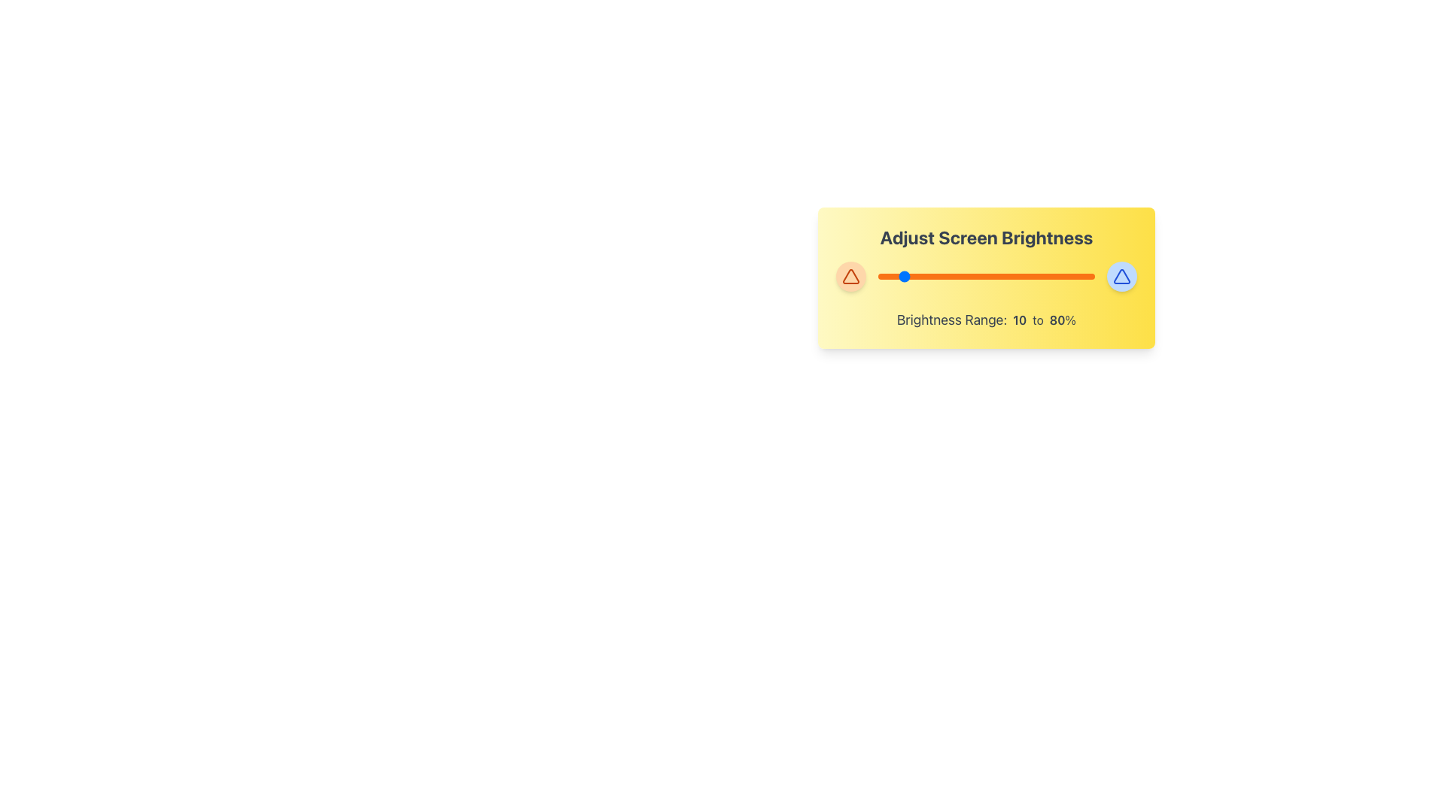 The width and height of the screenshot is (1445, 812). Describe the element at coordinates (1057, 276) in the screenshot. I see `the brightness` at that location.